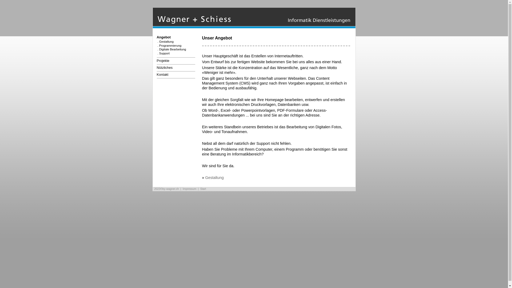  Describe the element at coordinates (165, 41) in the screenshot. I see `'. Gestaltung'` at that location.